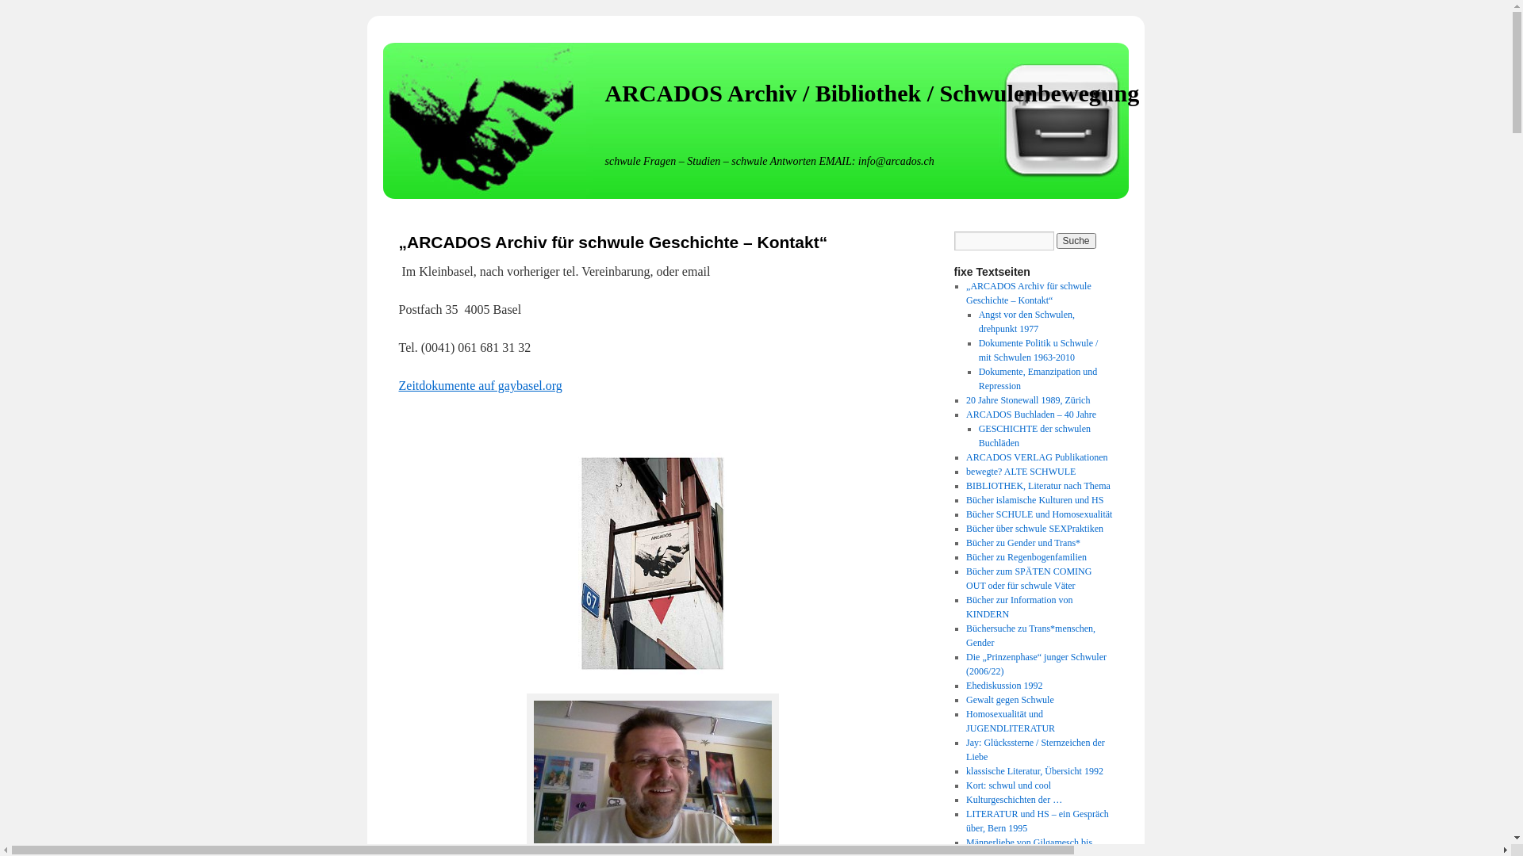 This screenshot has width=1523, height=856. Describe the element at coordinates (652, 562) in the screenshot. I see `'ARC'` at that location.